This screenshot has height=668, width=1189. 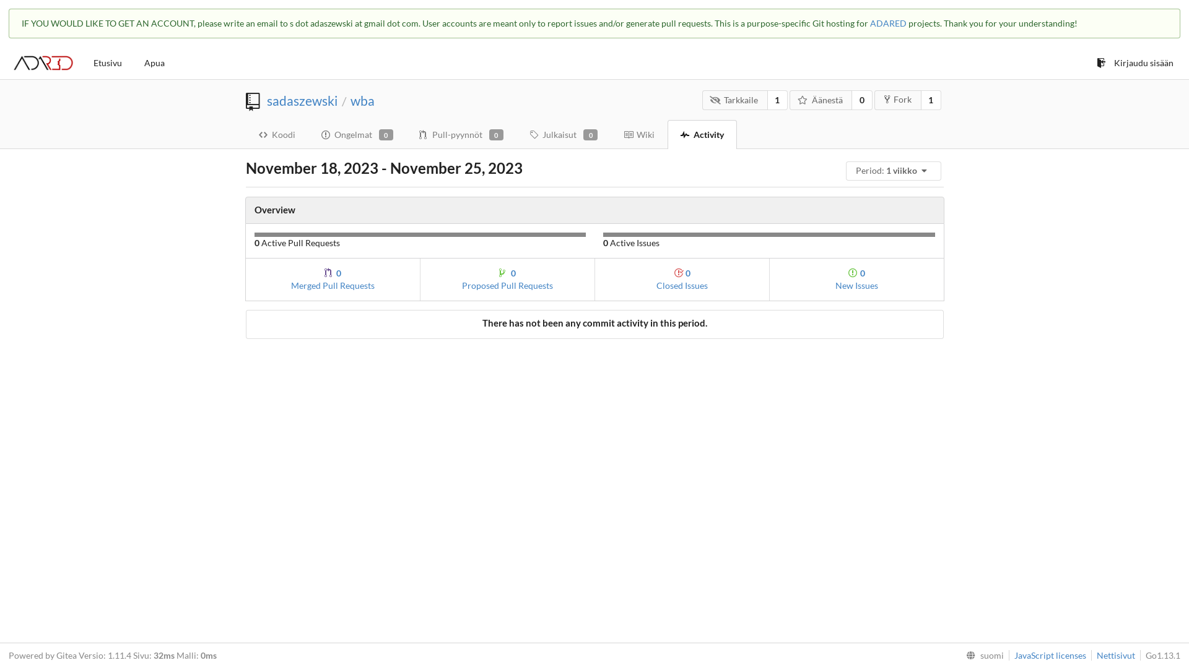 I want to click on 'Ongelmat, so click(x=356, y=134).